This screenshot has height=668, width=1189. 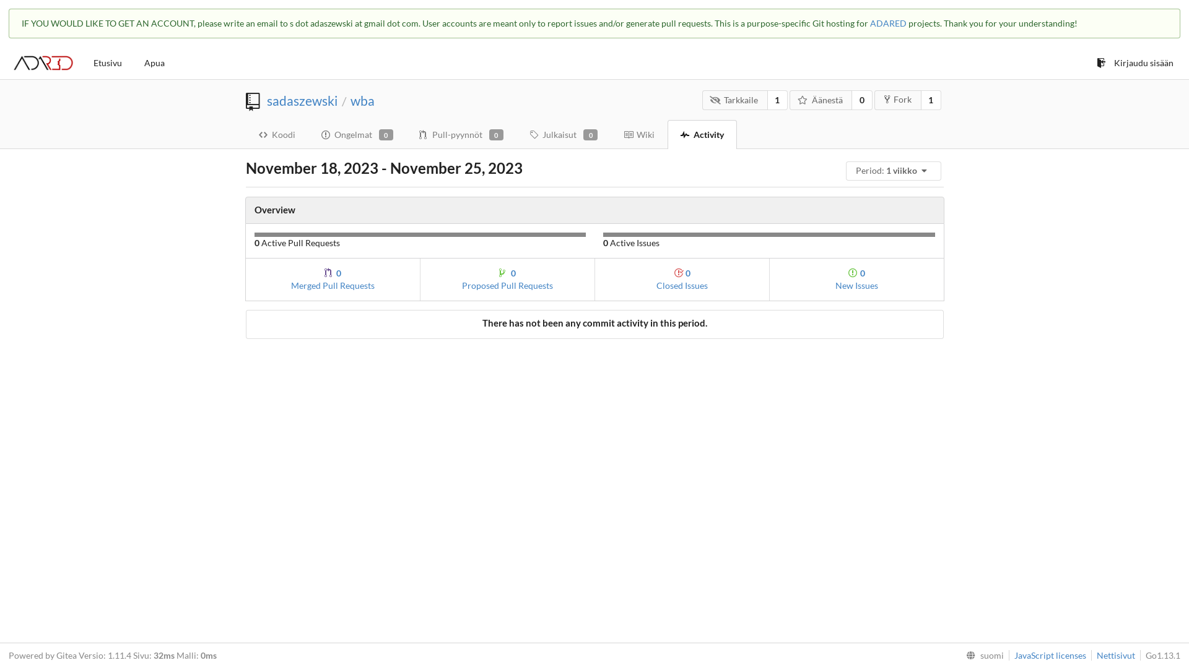 I want to click on 'Ongelmat, so click(x=356, y=134).